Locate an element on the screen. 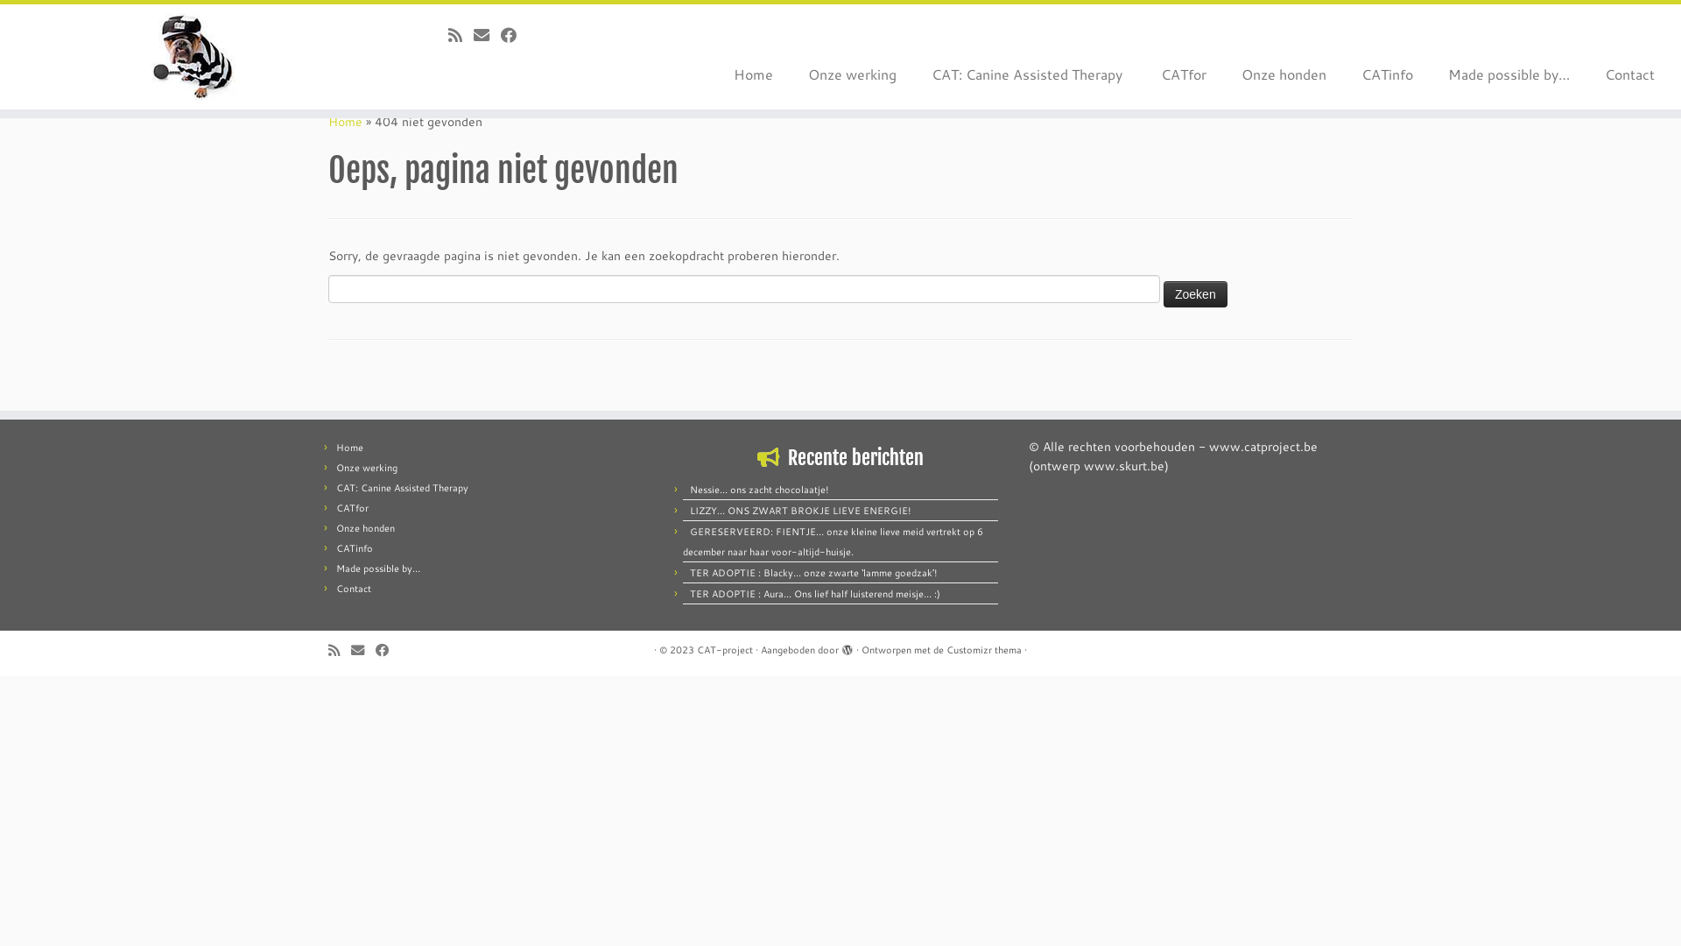 The width and height of the screenshot is (1681, 946). 'CATfor' is located at coordinates (1184, 73).